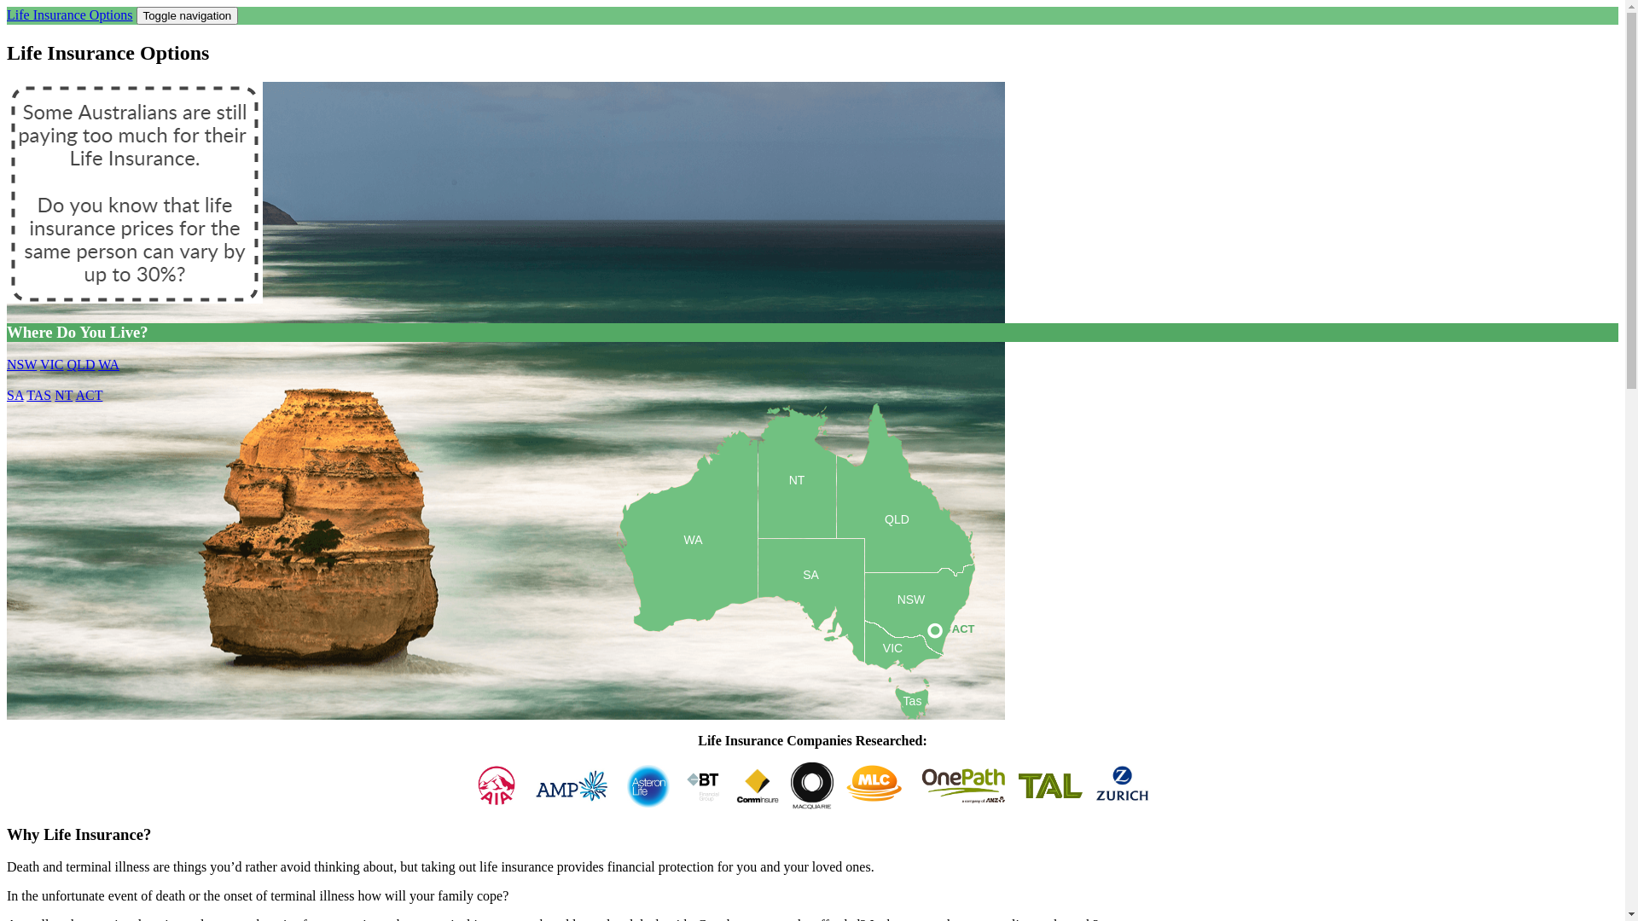  Describe the element at coordinates (903, 654) in the screenshot. I see `'VIC'` at that location.